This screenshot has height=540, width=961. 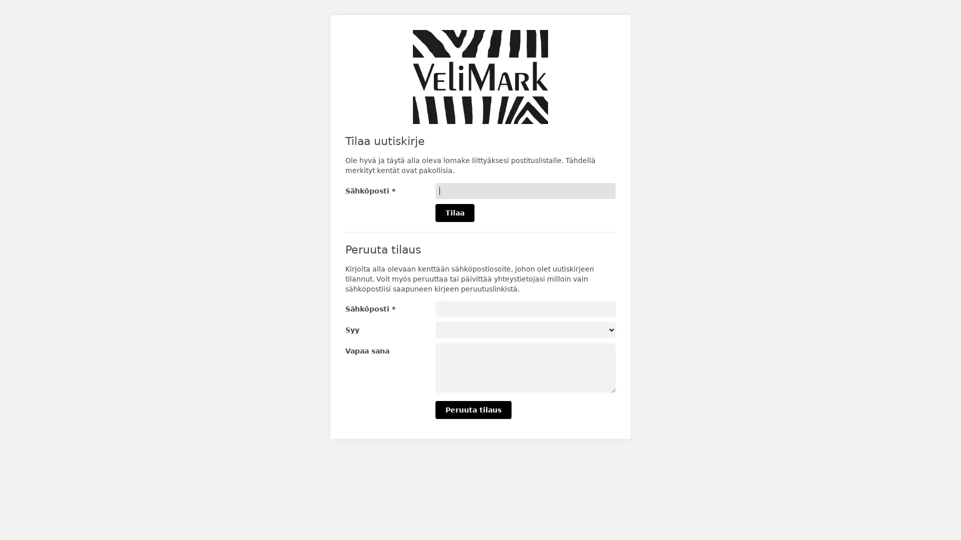 I want to click on Tilaa, so click(x=454, y=211).